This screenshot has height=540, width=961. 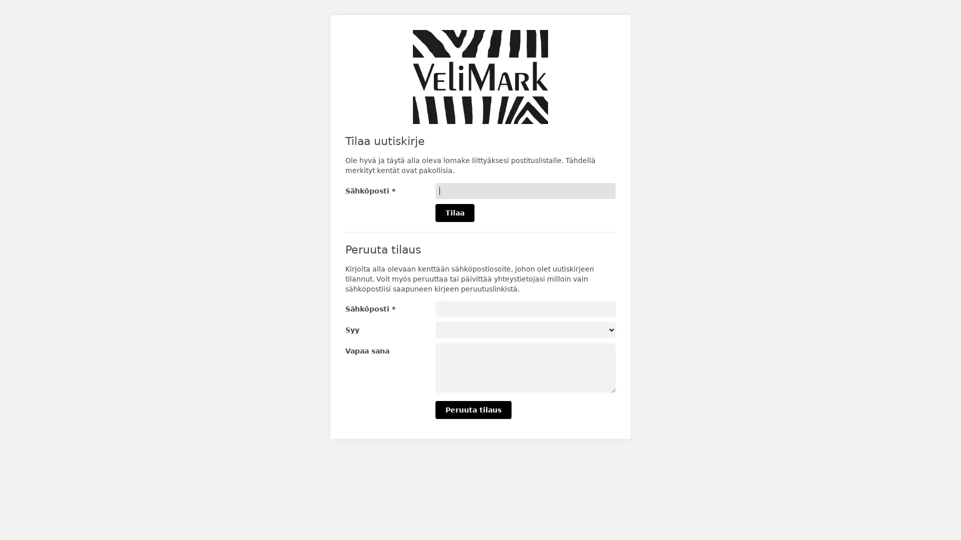 I want to click on Tilaa, so click(x=454, y=211).